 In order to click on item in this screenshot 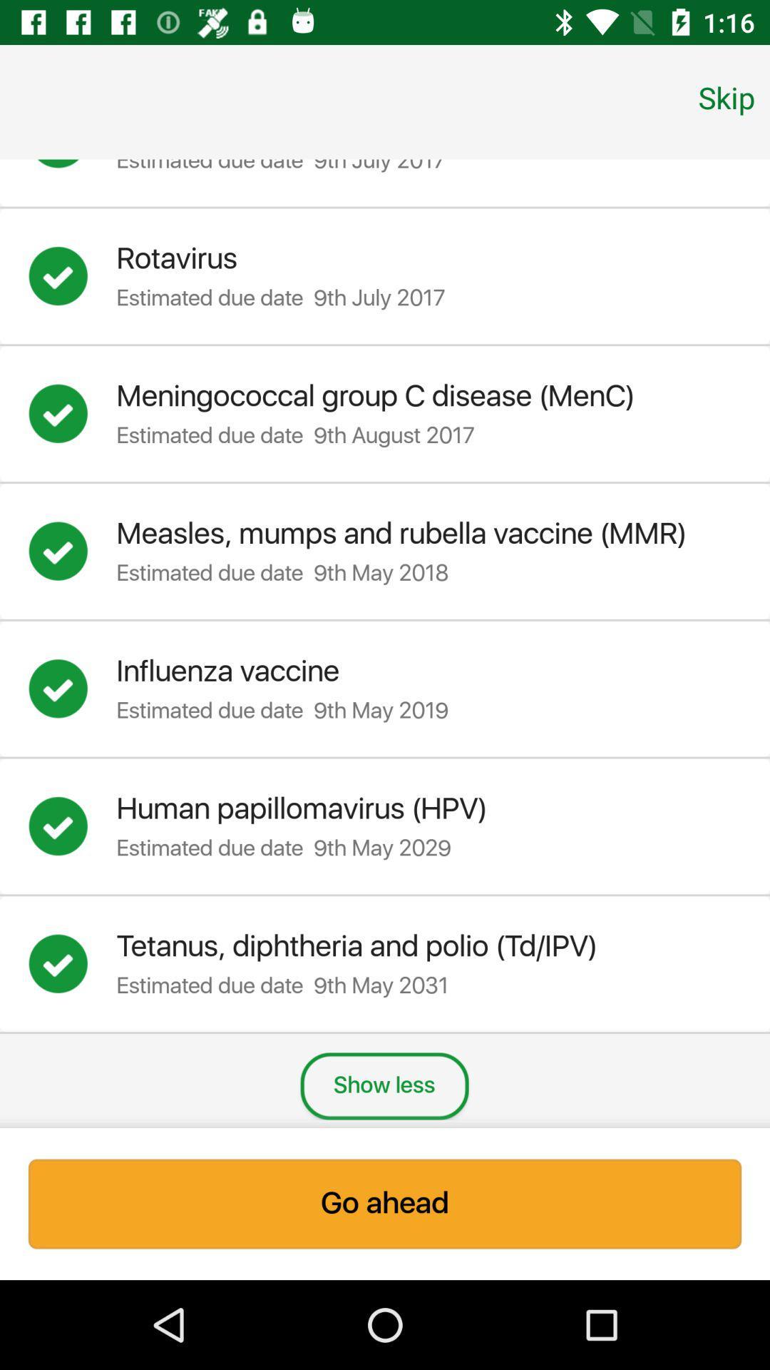, I will do `click(72, 168)`.